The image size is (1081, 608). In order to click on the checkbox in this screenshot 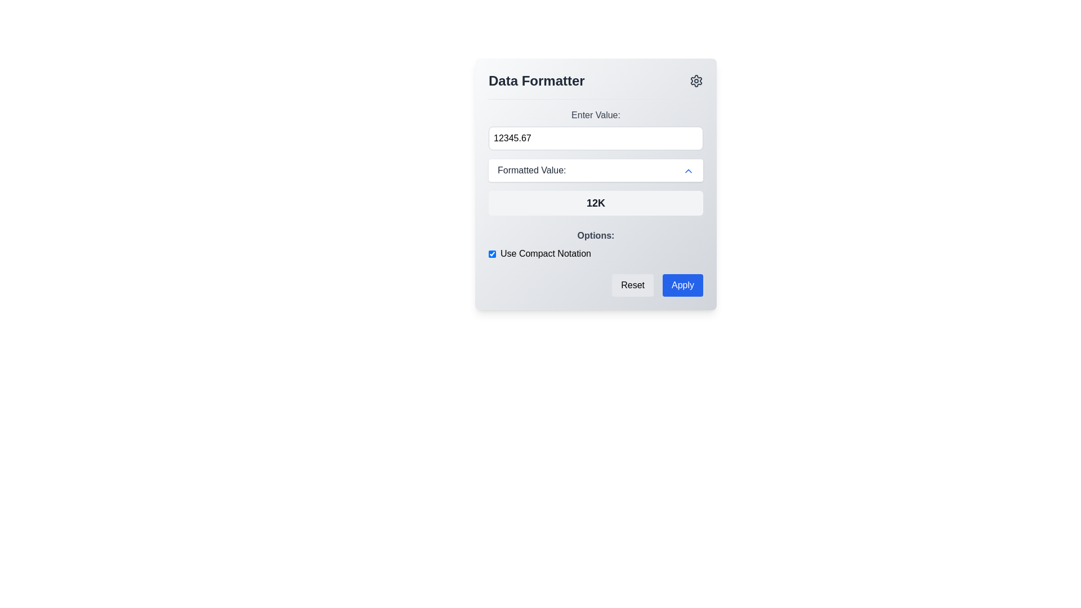, I will do `click(492, 254)`.